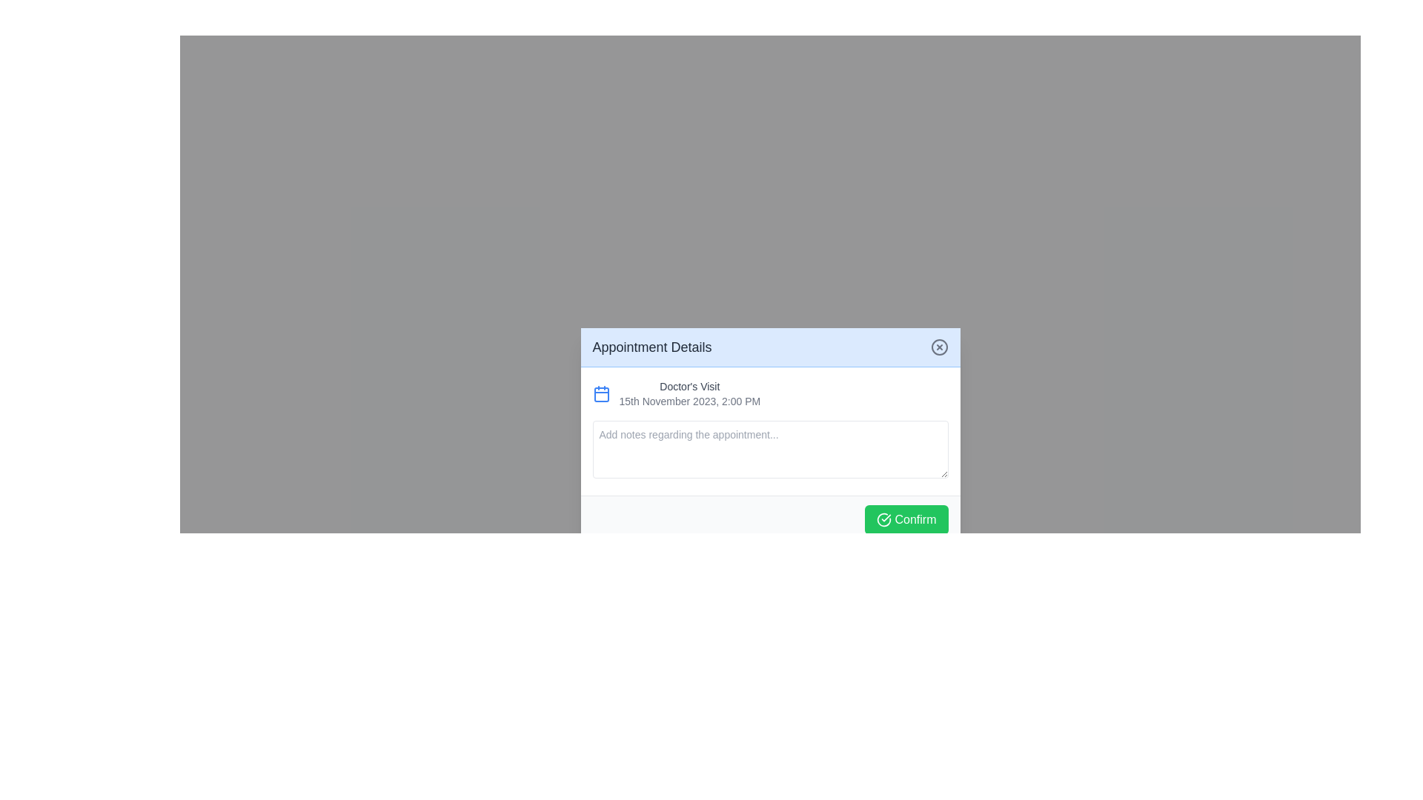 The image size is (1423, 800). What do you see at coordinates (601, 393) in the screenshot?
I see `the calendar icon outlined in blue, which is located to the far left of the grouping near the title 'Doctor's Visit' and the date '15th November 2023, 2:00 PM'` at bounding box center [601, 393].